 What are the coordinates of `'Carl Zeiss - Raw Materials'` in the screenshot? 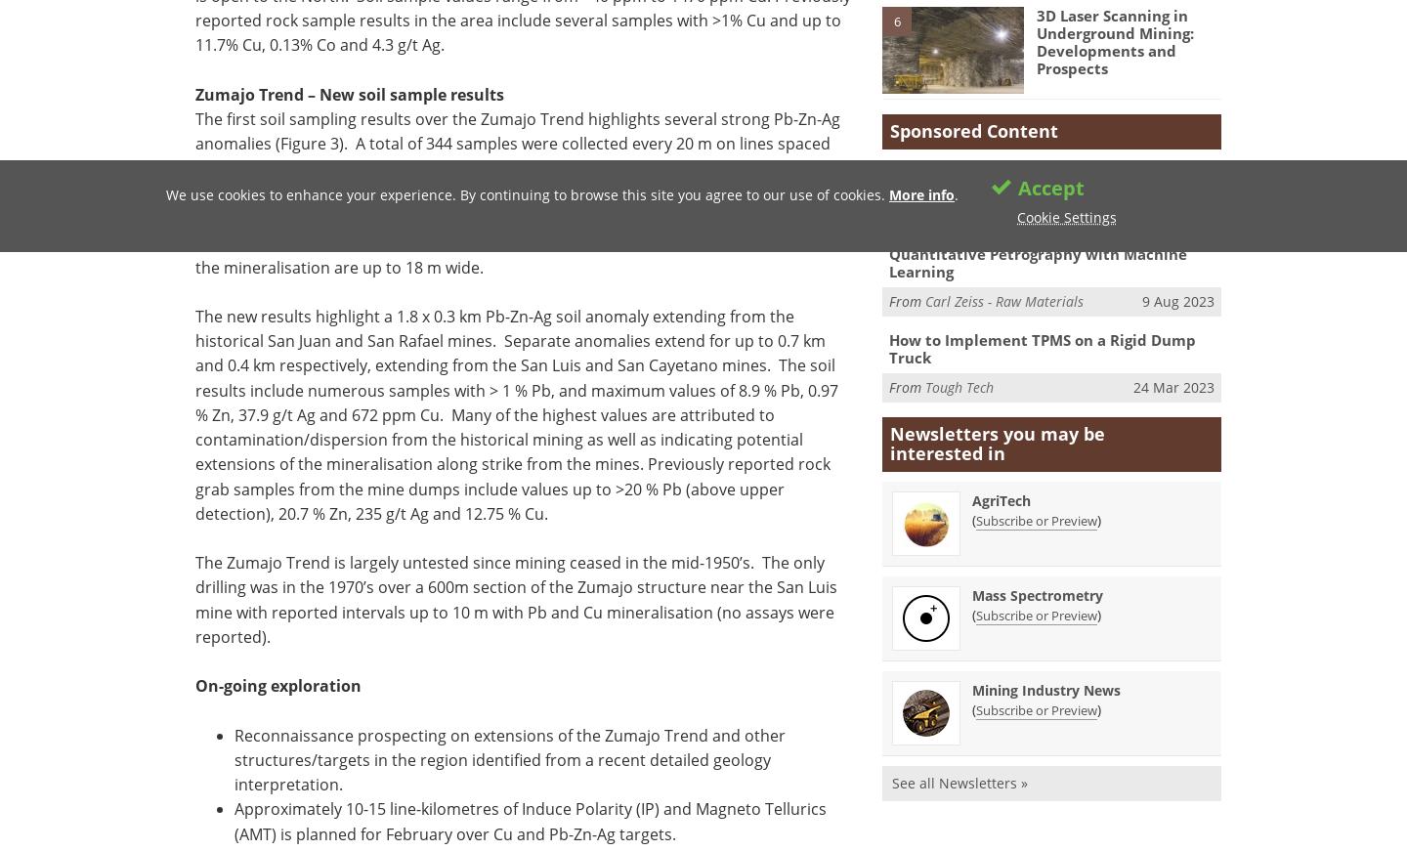 It's located at (1004, 299).